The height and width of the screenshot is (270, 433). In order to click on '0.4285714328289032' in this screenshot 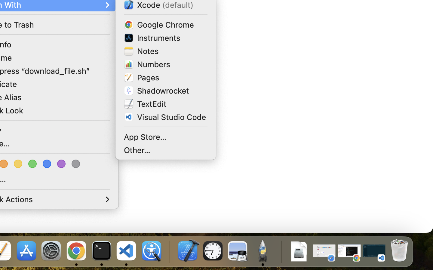, I will do `click(169, 251)`.